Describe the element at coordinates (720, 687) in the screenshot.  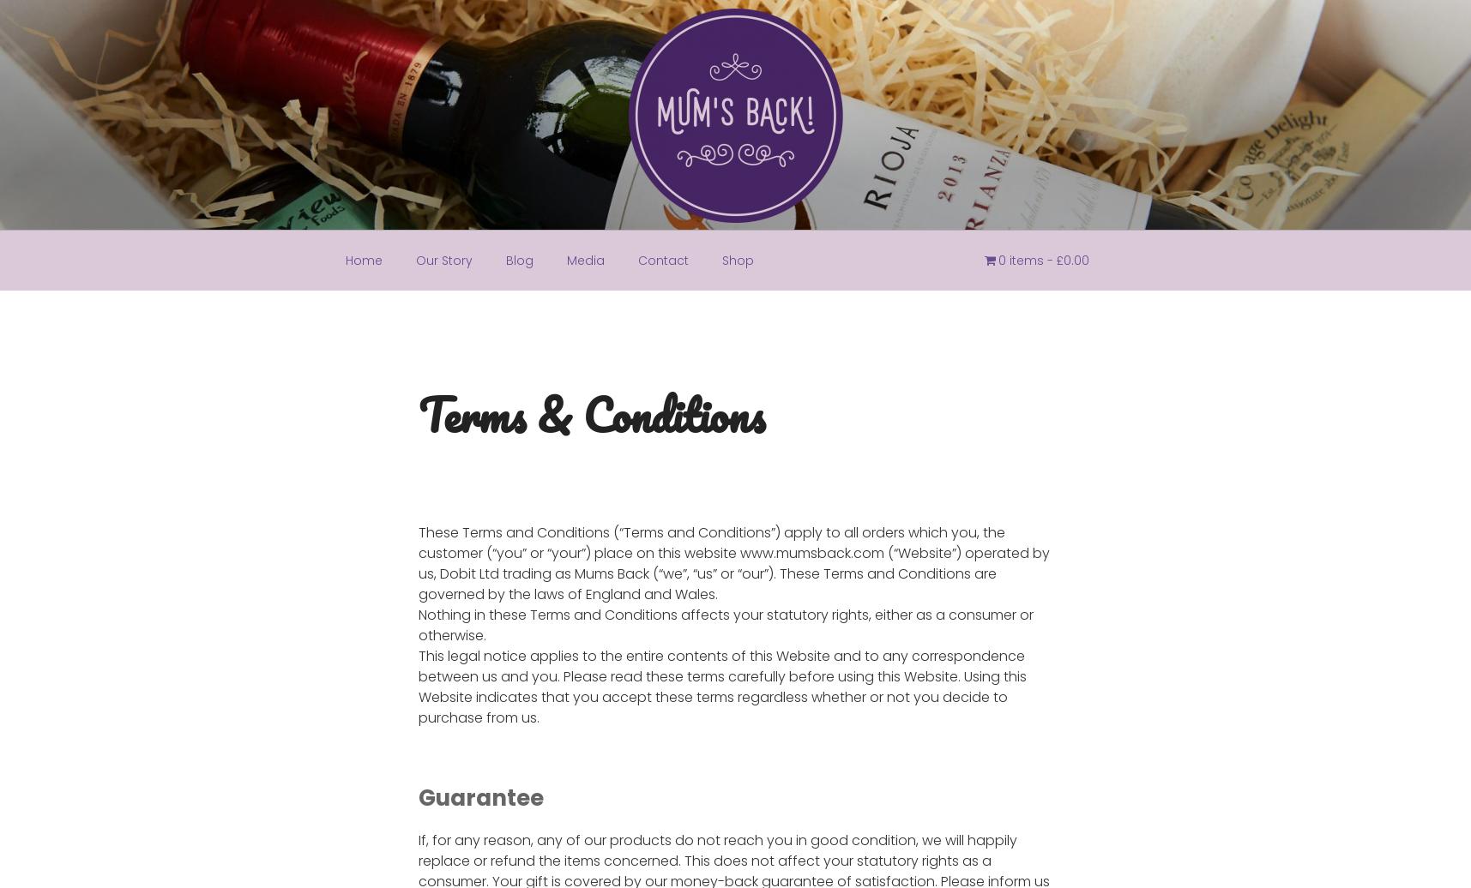
I see `'This legal notice applies to the entire contents of this Website and to any correspondence between us and you. Please read these terms carefully before using this Website. Using this Website indicates that you accept these terms regardless whether or not you decide to purchase from us.'` at that location.